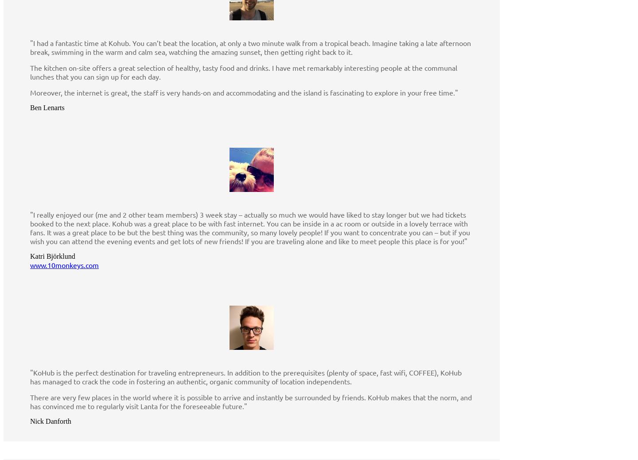  What do you see at coordinates (30, 107) in the screenshot?
I see `'Ben Lenarts'` at bounding box center [30, 107].